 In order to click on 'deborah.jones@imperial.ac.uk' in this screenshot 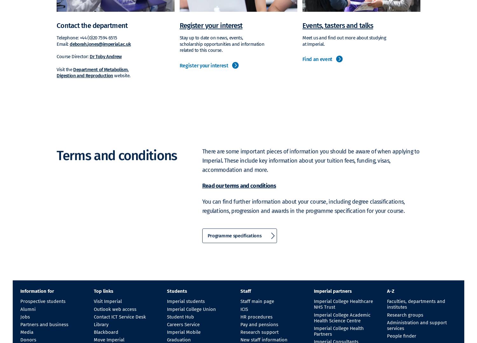, I will do `click(100, 44)`.